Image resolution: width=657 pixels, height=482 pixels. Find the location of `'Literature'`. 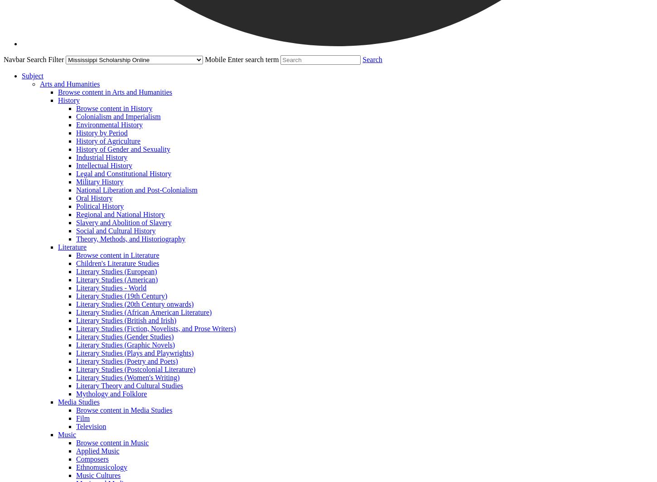

'Literature' is located at coordinates (72, 247).